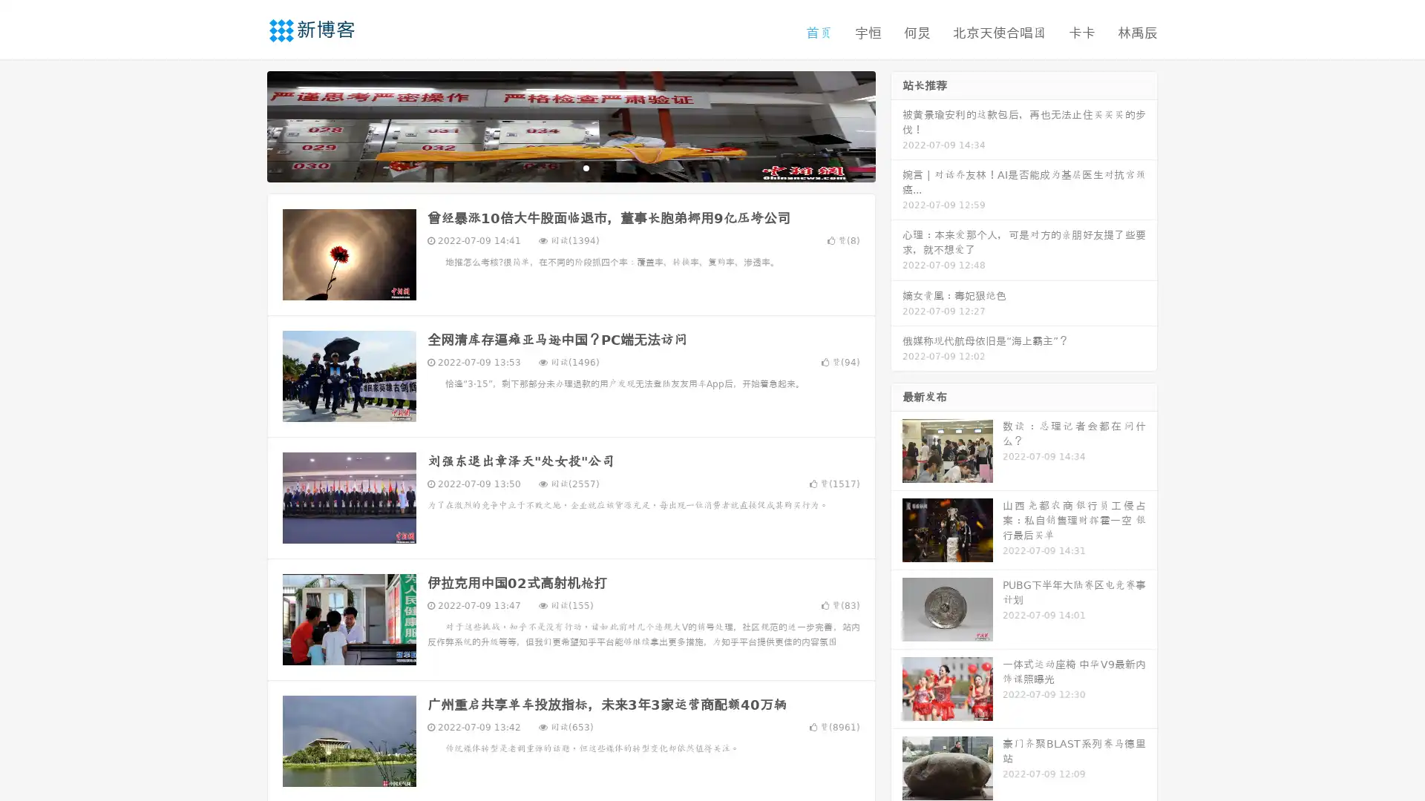  Describe the element at coordinates (245, 125) in the screenshot. I see `Previous slide` at that location.